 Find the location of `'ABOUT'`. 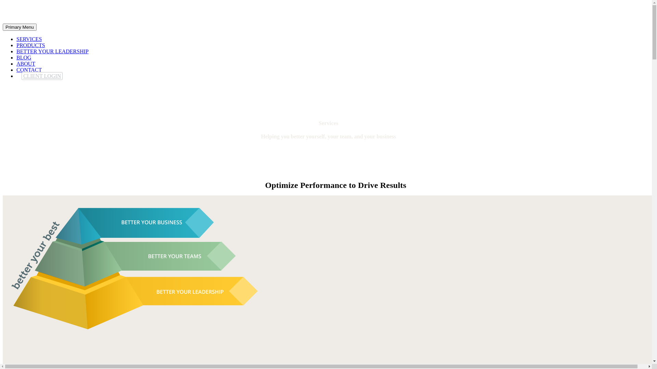

'ABOUT' is located at coordinates (26, 64).